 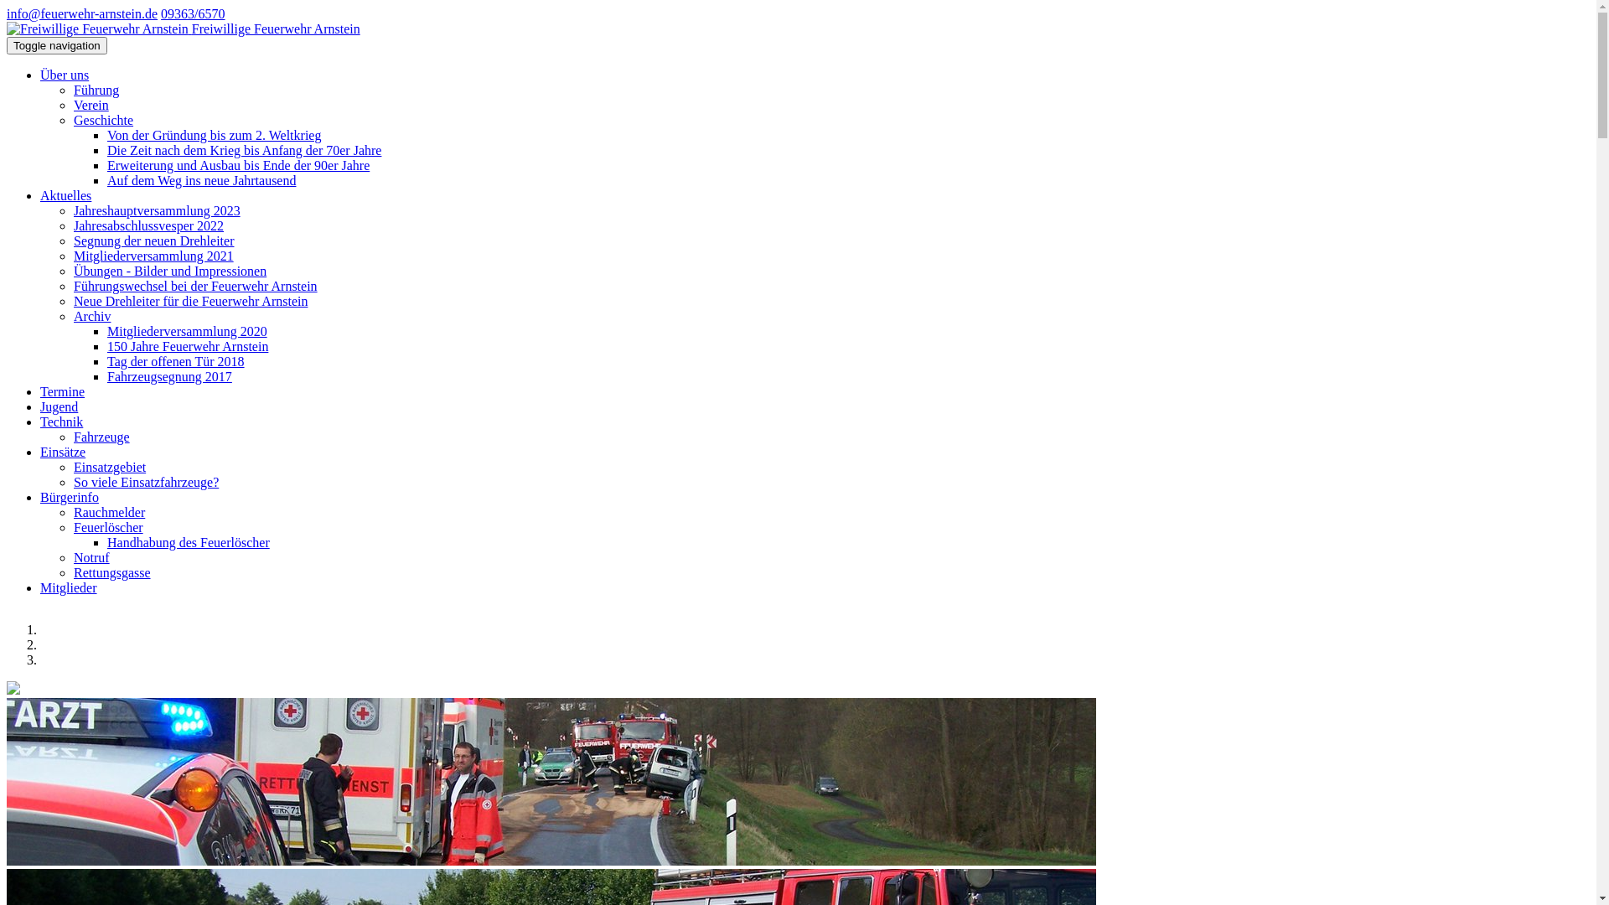 What do you see at coordinates (243, 149) in the screenshot?
I see `'Die Zeit nach dem Krieg bis Anfang der 70er Jahre'` at bounding box center [243, 149].